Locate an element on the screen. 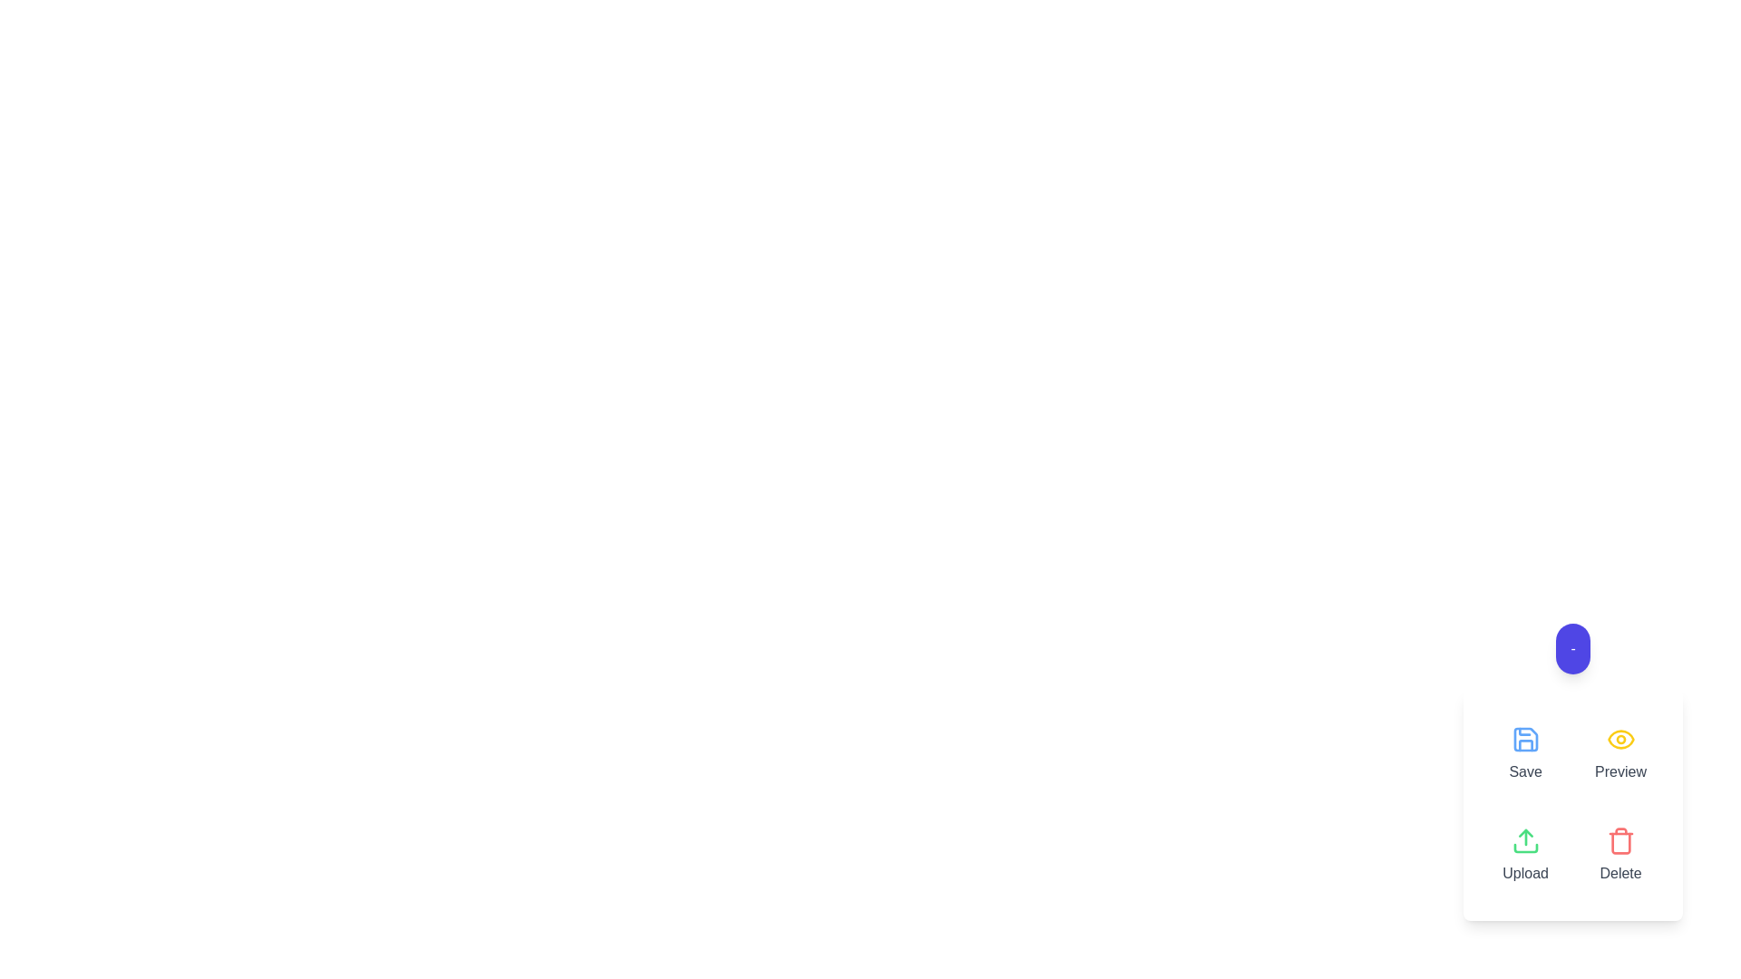 The image size is (1741, 979). the Upload button to initiate the upload operation is located at coordinates (1524, 856).